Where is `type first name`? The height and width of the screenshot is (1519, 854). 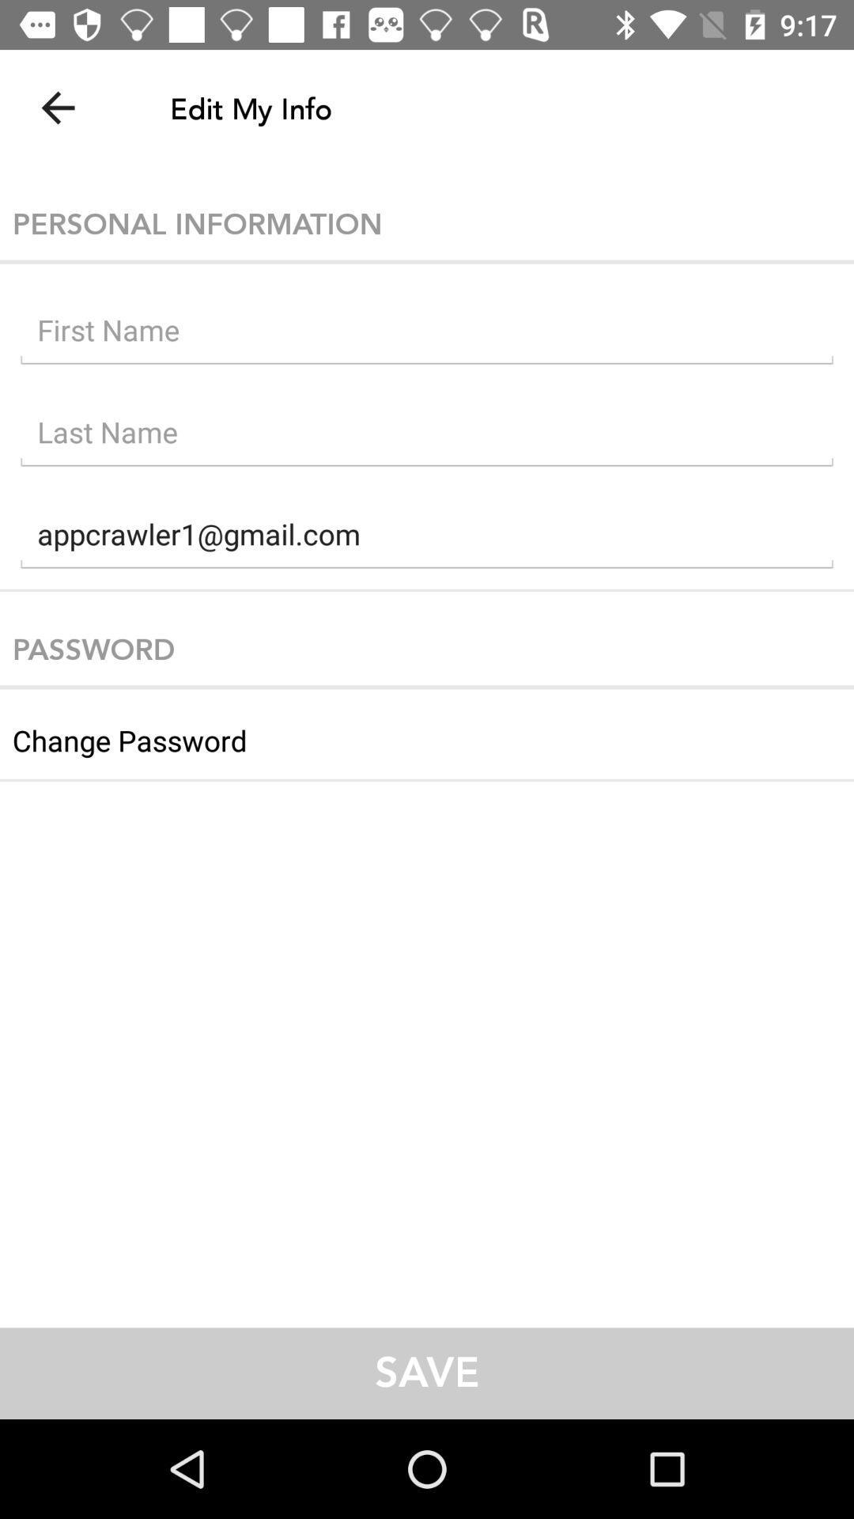
type first name is located at coordinates (427, 333).